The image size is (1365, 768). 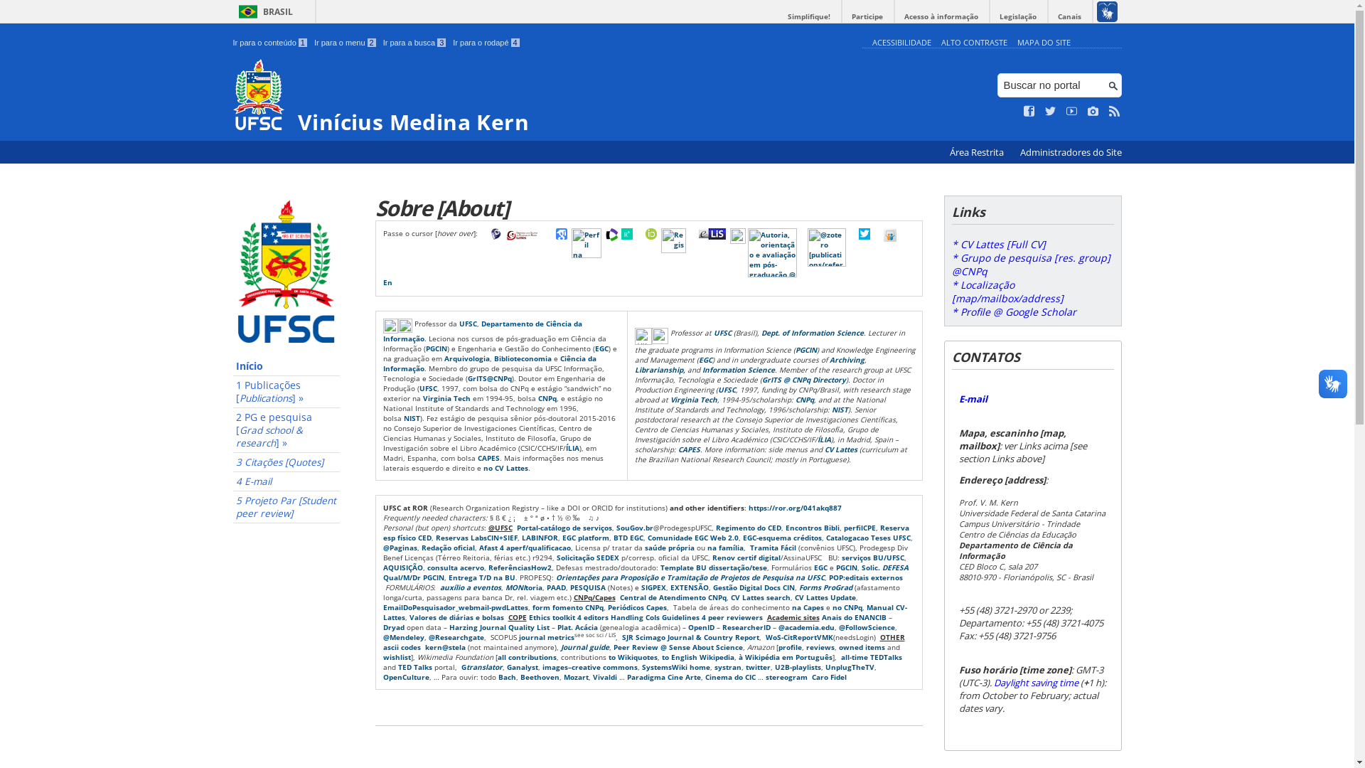 I want to click on 'LABINFOR', so click(x=539, y=538).